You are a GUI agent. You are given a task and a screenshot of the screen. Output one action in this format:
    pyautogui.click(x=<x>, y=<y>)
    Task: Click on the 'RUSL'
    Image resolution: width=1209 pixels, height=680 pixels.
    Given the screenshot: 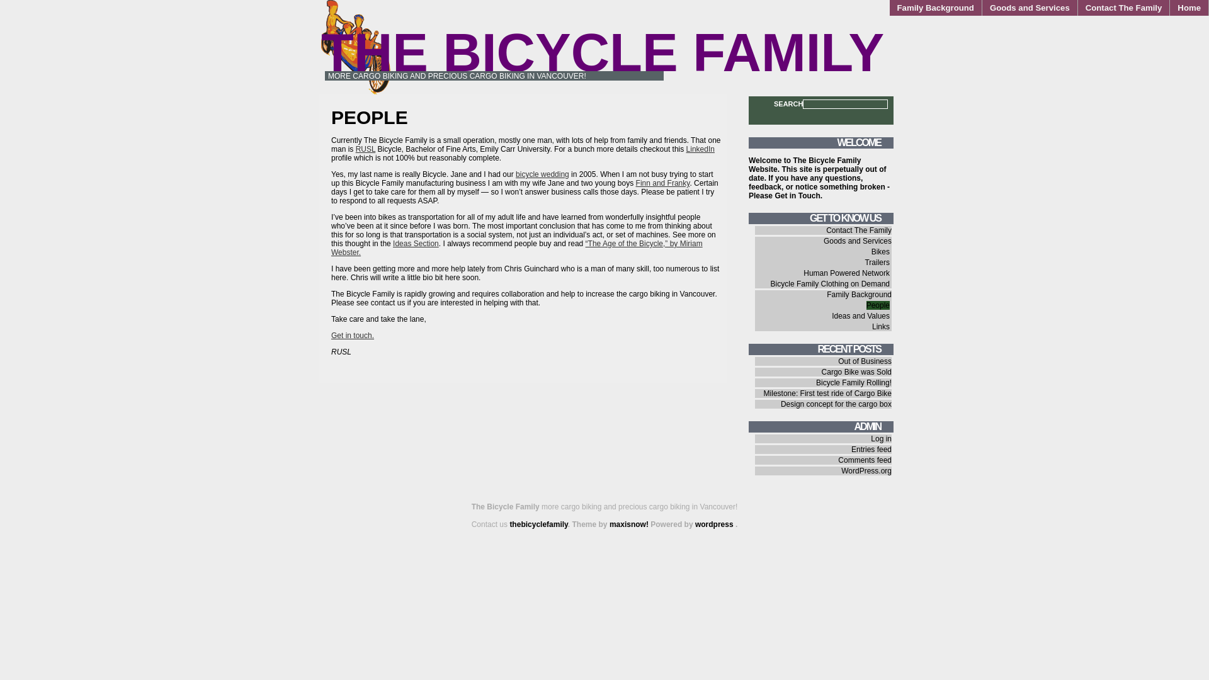 What is the action you would take?
    pyautogui.click(x=365, y=148)
    